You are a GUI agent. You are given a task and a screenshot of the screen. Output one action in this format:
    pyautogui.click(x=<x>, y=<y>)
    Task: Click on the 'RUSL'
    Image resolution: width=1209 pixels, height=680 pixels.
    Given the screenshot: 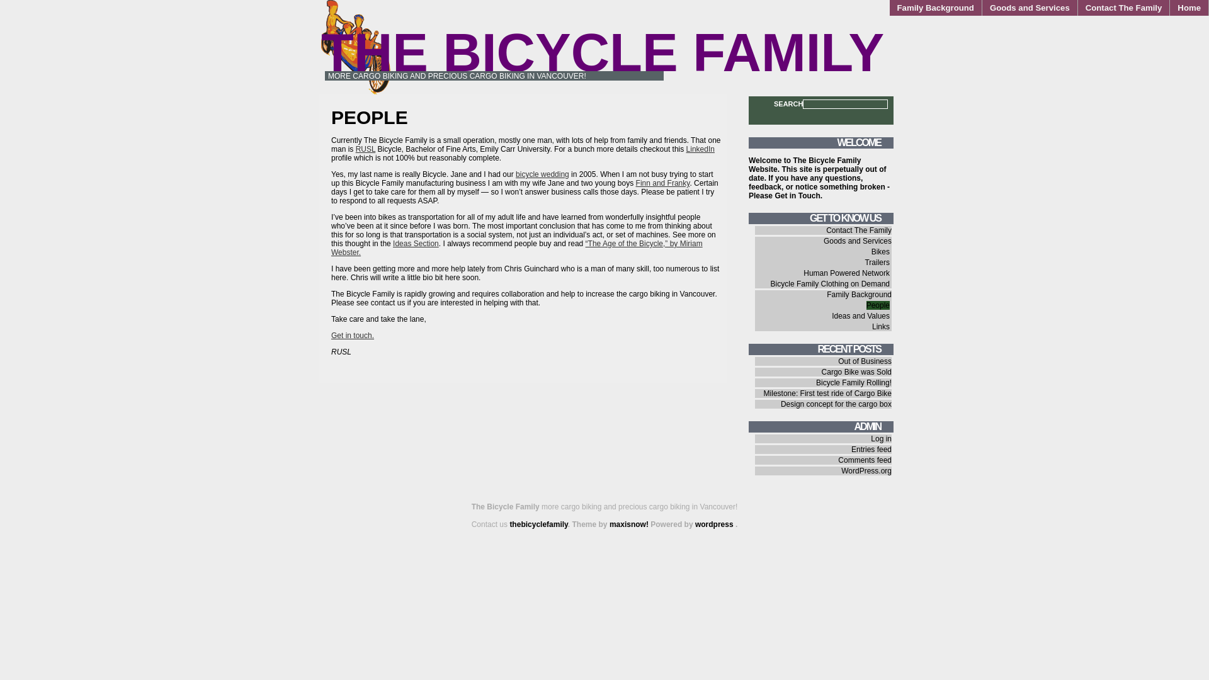 What is the action you would take?
    pyautogui.click(x=365, y=148)
    